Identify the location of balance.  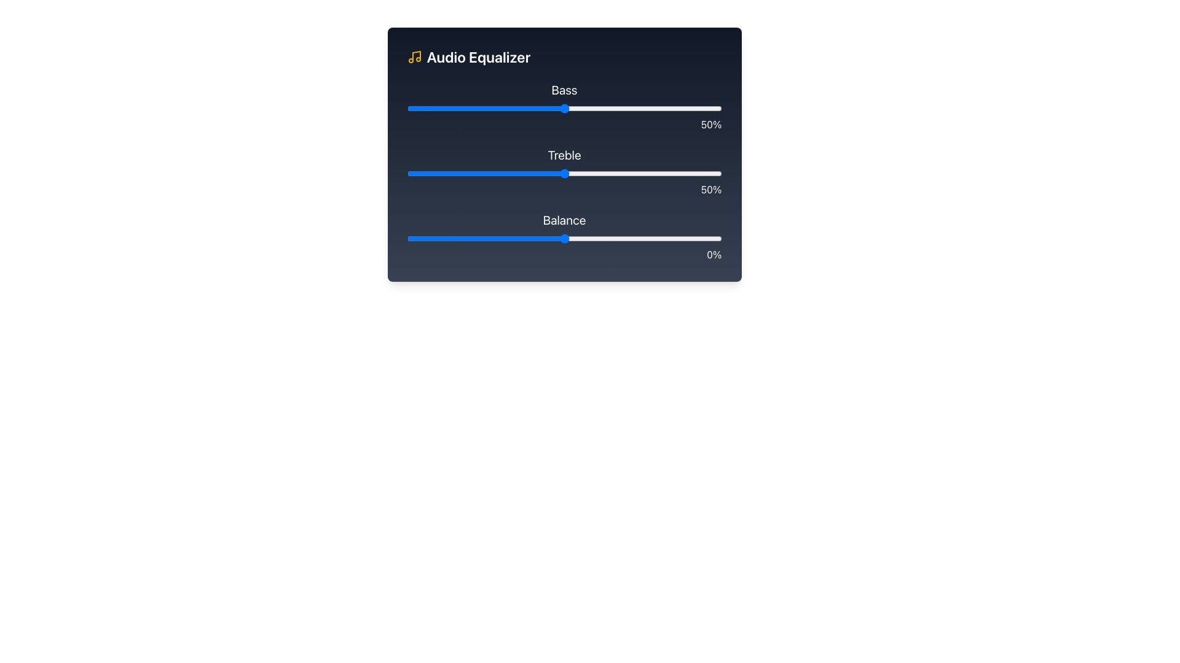
(658, 239).